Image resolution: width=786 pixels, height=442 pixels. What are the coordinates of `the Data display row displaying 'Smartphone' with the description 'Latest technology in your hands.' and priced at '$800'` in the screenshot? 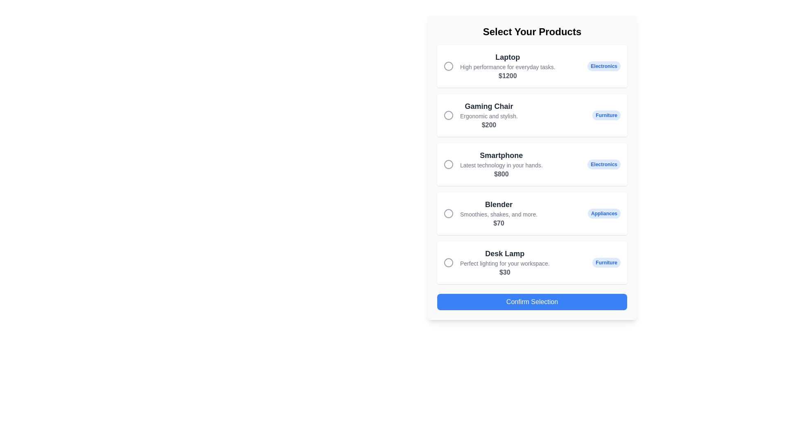 It's located at (492, 164).